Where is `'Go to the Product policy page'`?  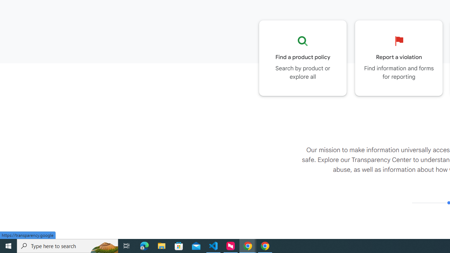 'Go to the Product policy page' is located at coordinates (303, 58).